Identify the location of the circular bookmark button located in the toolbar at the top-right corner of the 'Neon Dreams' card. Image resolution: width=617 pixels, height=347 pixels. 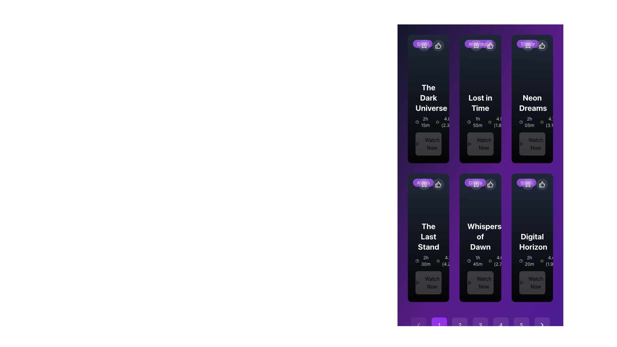
(528, 45).